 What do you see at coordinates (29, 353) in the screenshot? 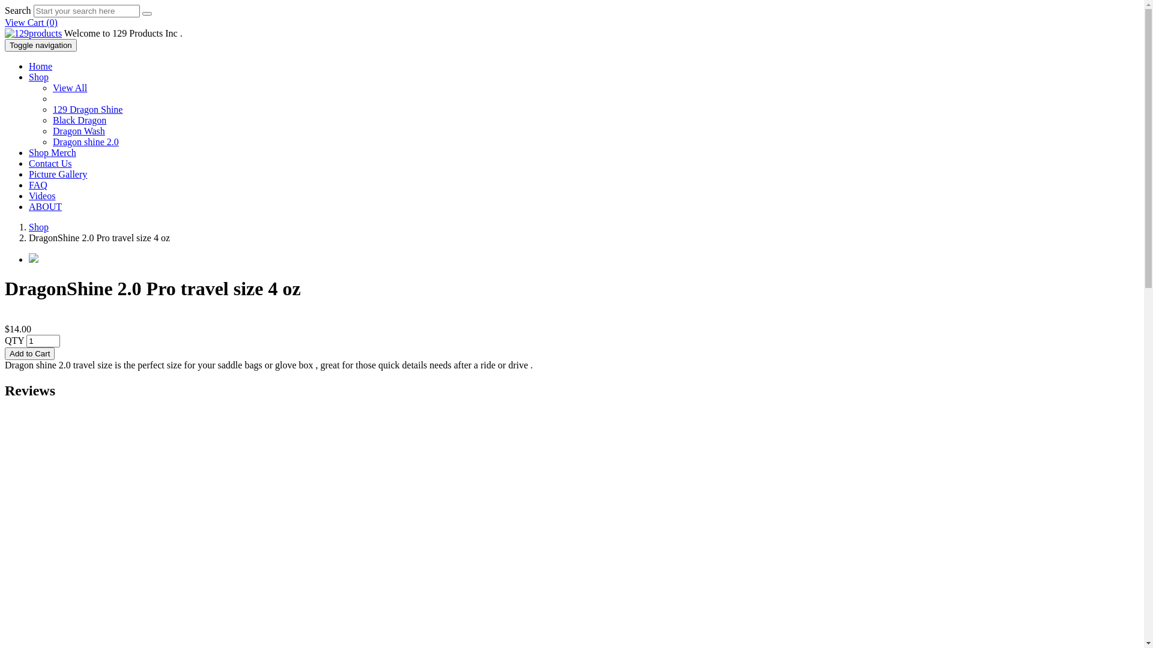
I see `'Add to Cart'` at bounding box center [29, 353].